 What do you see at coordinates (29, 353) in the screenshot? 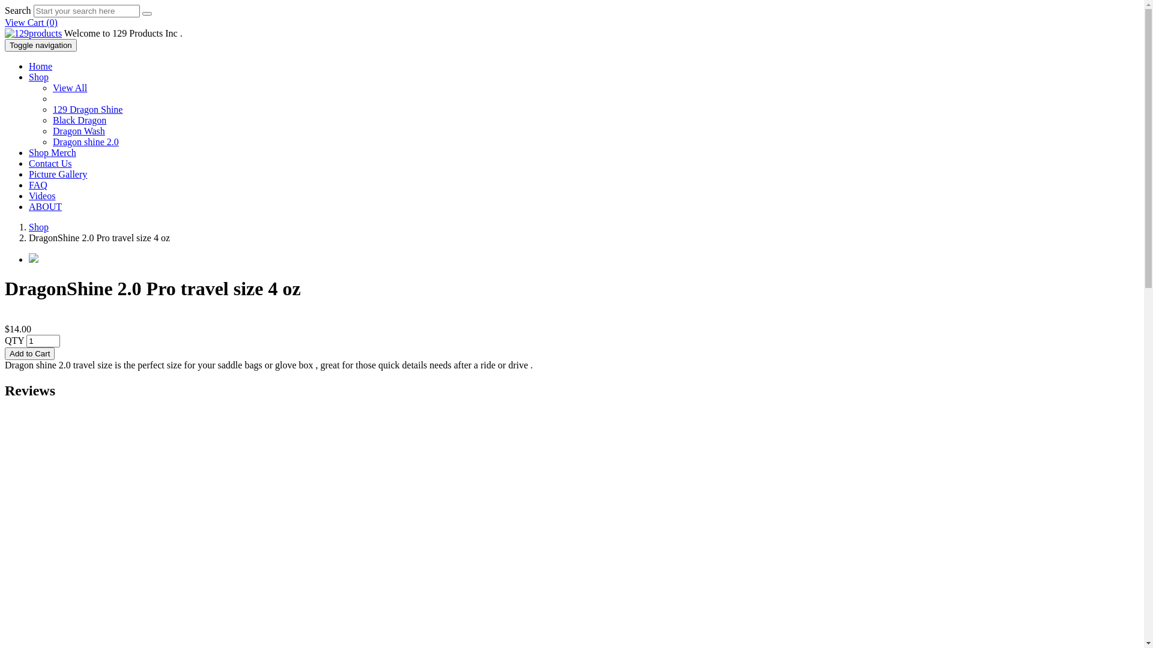
I see `'Add to Cart'` at bounding box center [29, 353].